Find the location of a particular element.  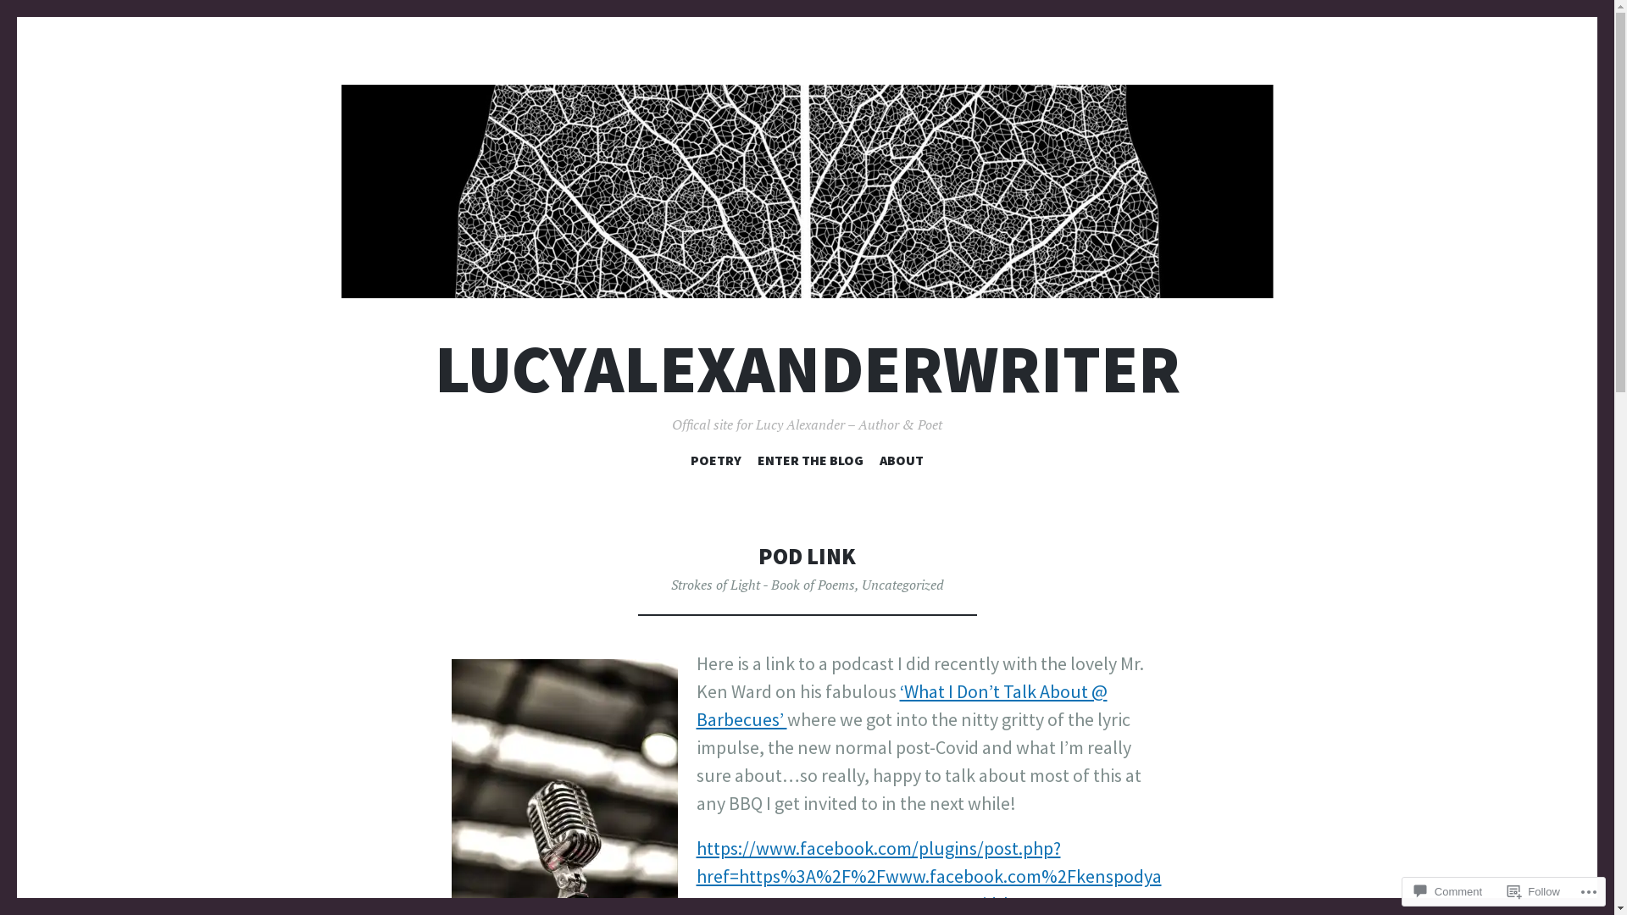

'Uncategorized' is located at coordinates (901, 584).